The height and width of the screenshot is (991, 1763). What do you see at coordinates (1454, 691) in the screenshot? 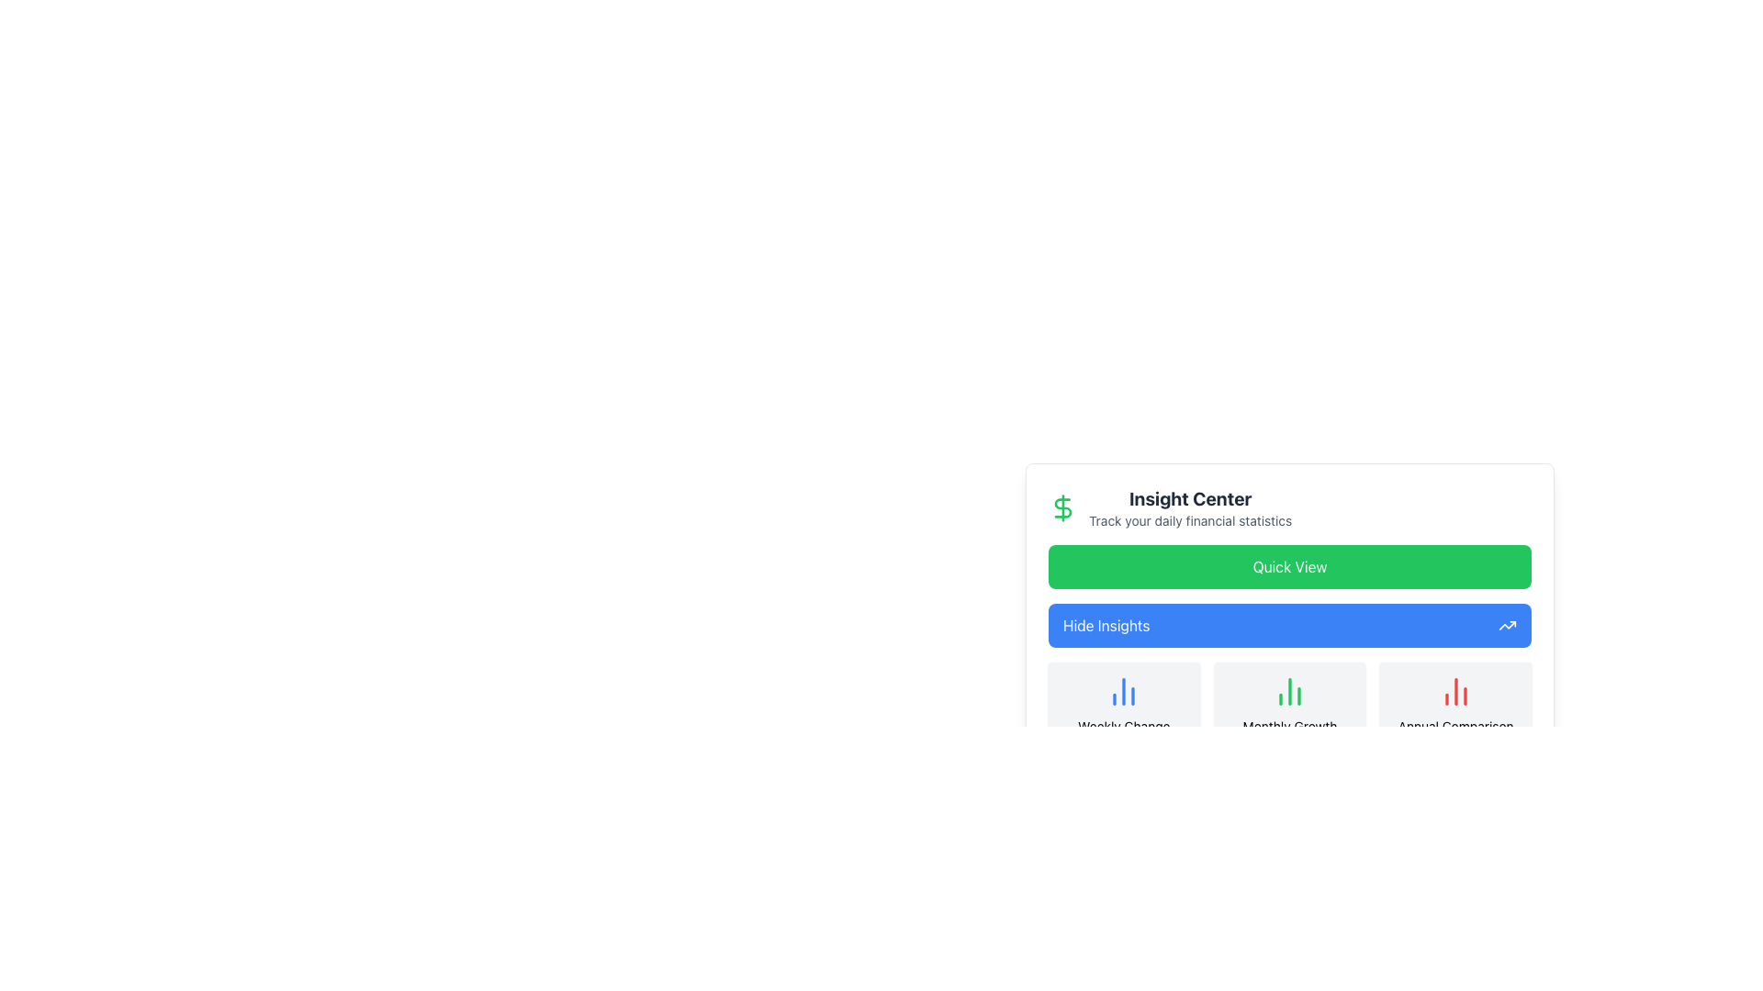
I see `the red bar chart icon positioned in the rightmost segment below the title 'Annual Comparison' for more information or actions related to it` at bounding box center [1454, 691].